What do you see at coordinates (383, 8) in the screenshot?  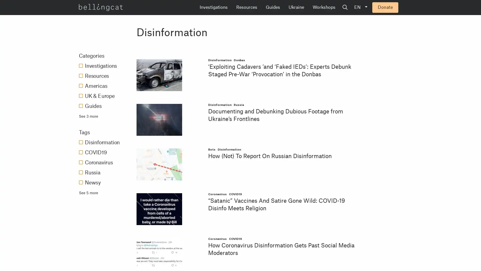 I see `Search` at bounding box center [383, 8].